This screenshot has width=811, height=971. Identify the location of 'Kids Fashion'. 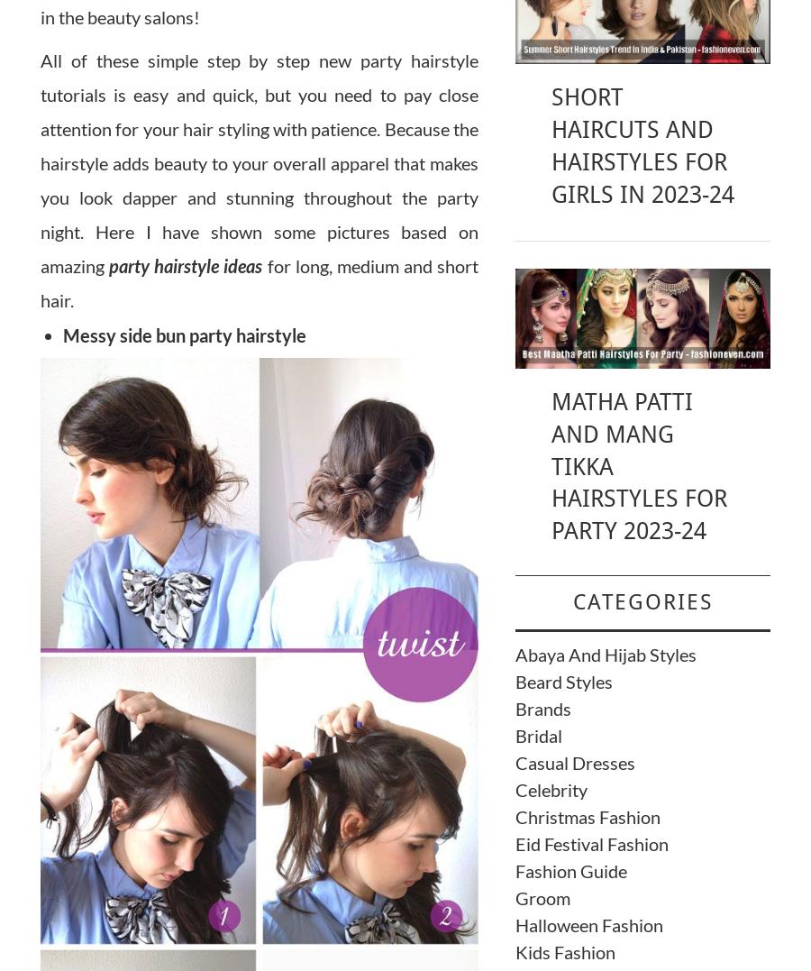
(564, 951).